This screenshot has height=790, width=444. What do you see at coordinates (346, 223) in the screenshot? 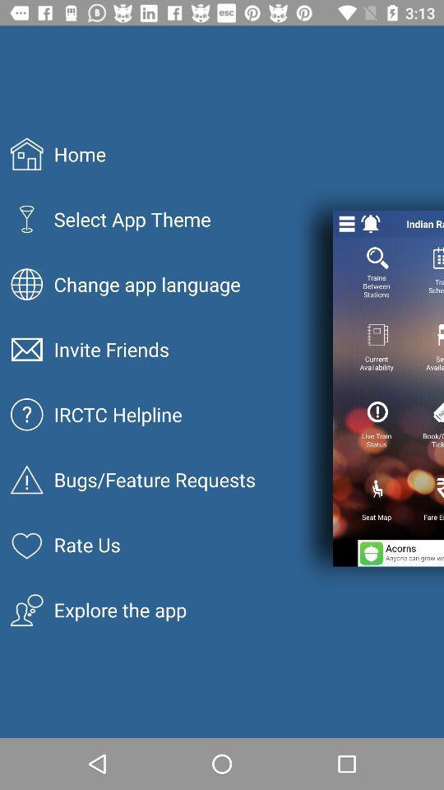
I see `settings` at bounding box center [346, 223].